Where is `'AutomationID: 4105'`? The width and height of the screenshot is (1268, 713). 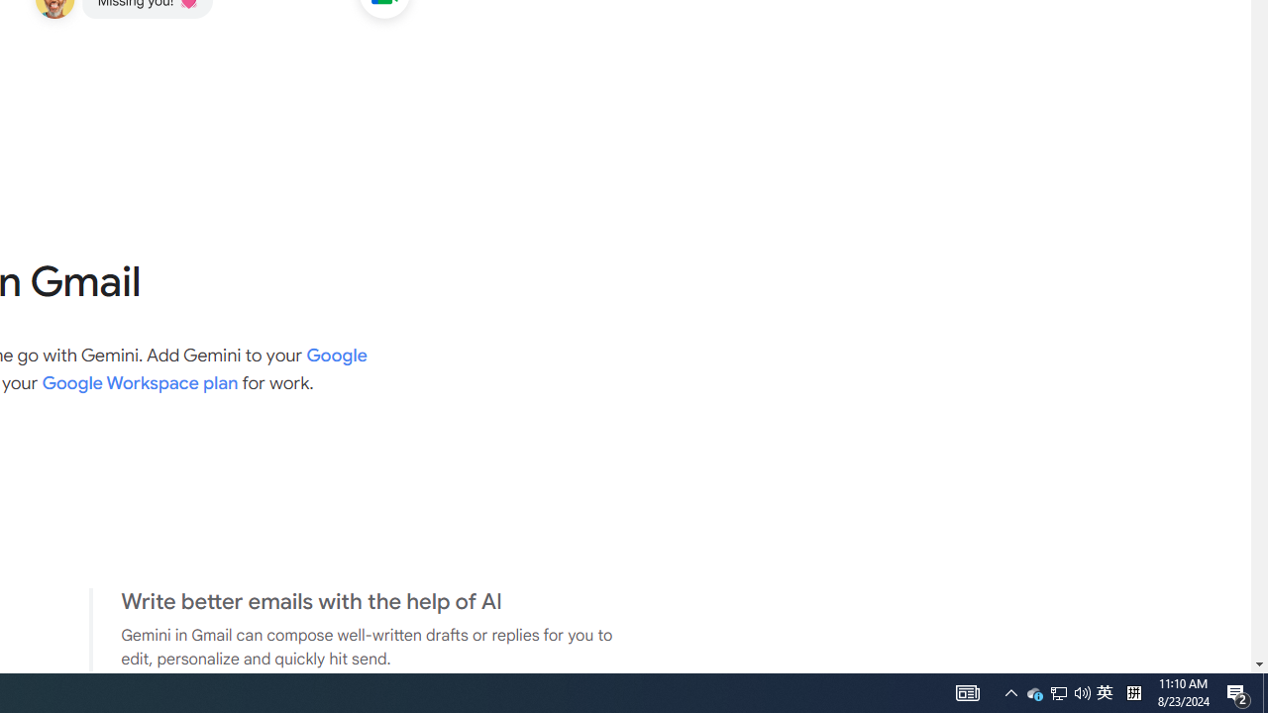 'AutomationID: 4105' is located at coordinates (1010, 691).